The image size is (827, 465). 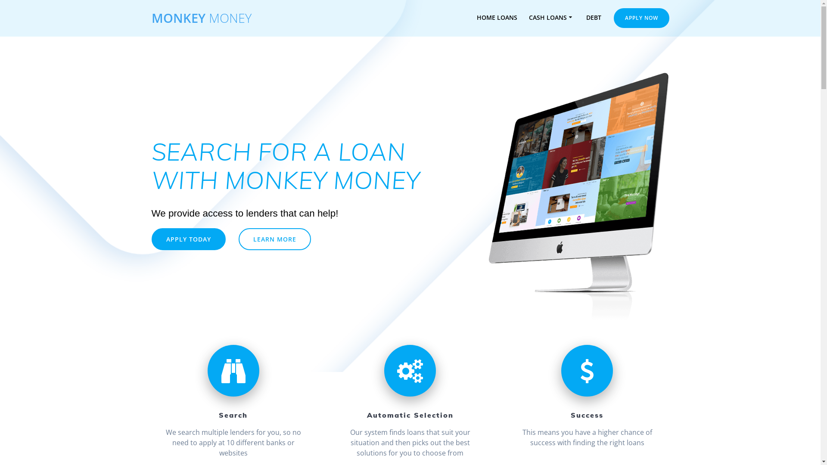 I want to click on 'DEBT', so click(x=593, y=18).